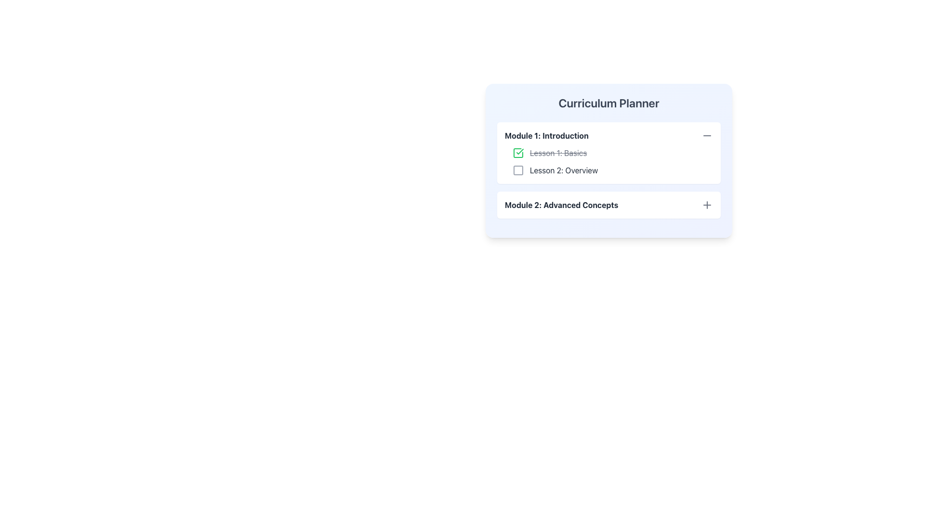 The height and width of the screenshot is (520, 925). What do you see at coordinates (707, 135) in the screenshot?
I see `the toggle button located to the far right of the header titled 'Module 1: Introduction'` at bounding box center [707, 135].